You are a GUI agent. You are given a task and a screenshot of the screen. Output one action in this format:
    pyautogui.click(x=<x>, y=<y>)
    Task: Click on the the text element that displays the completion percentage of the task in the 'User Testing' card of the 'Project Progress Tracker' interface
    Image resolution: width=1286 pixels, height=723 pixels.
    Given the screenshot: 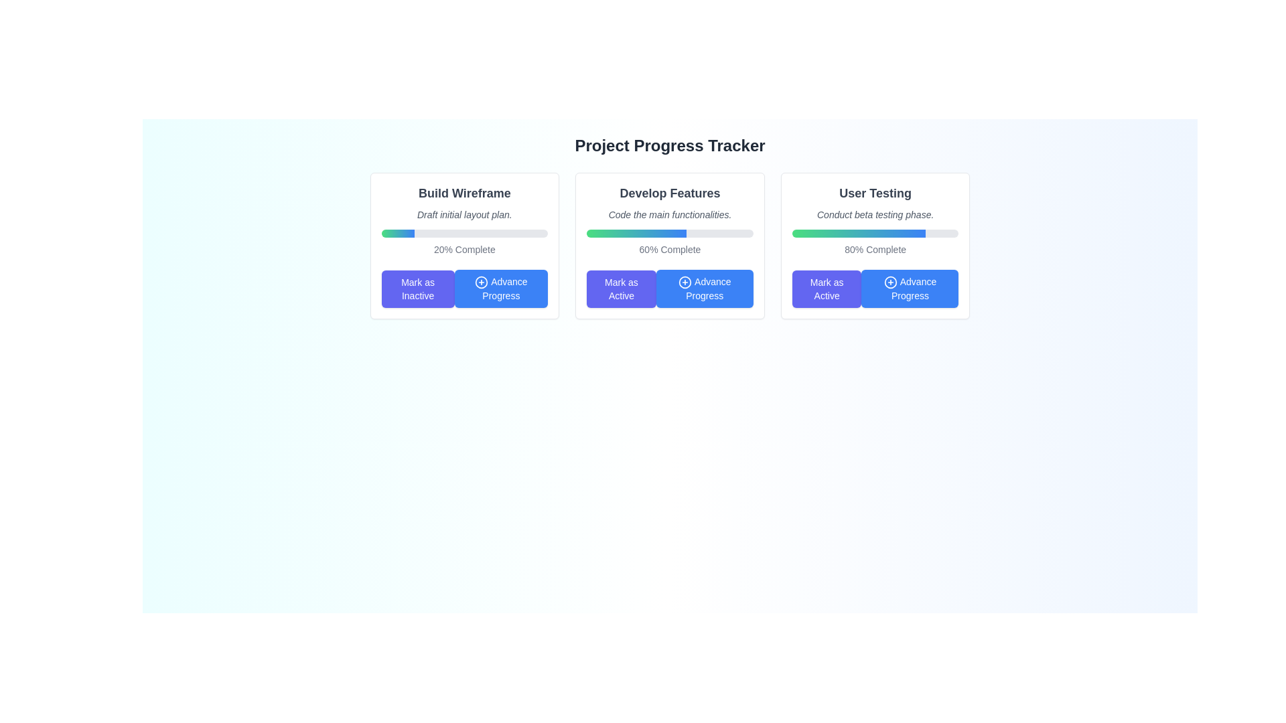 What is the action you would take?
    pyautogui.click(x=875, y=250)
    